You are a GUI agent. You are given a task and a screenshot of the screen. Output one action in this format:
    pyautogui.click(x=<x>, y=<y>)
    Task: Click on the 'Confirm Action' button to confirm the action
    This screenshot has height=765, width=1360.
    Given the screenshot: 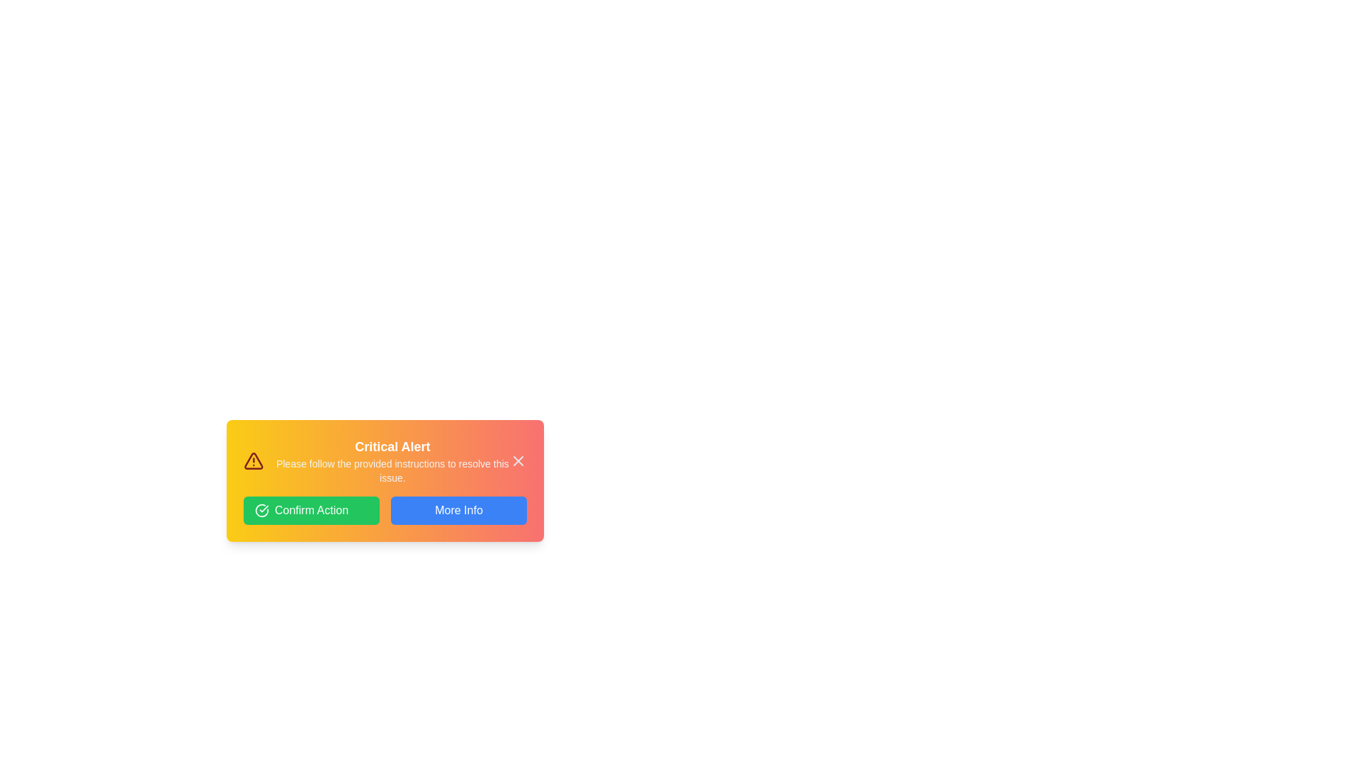 What is the action you would take?
    pyautogui.click(x=311, y=511)
    